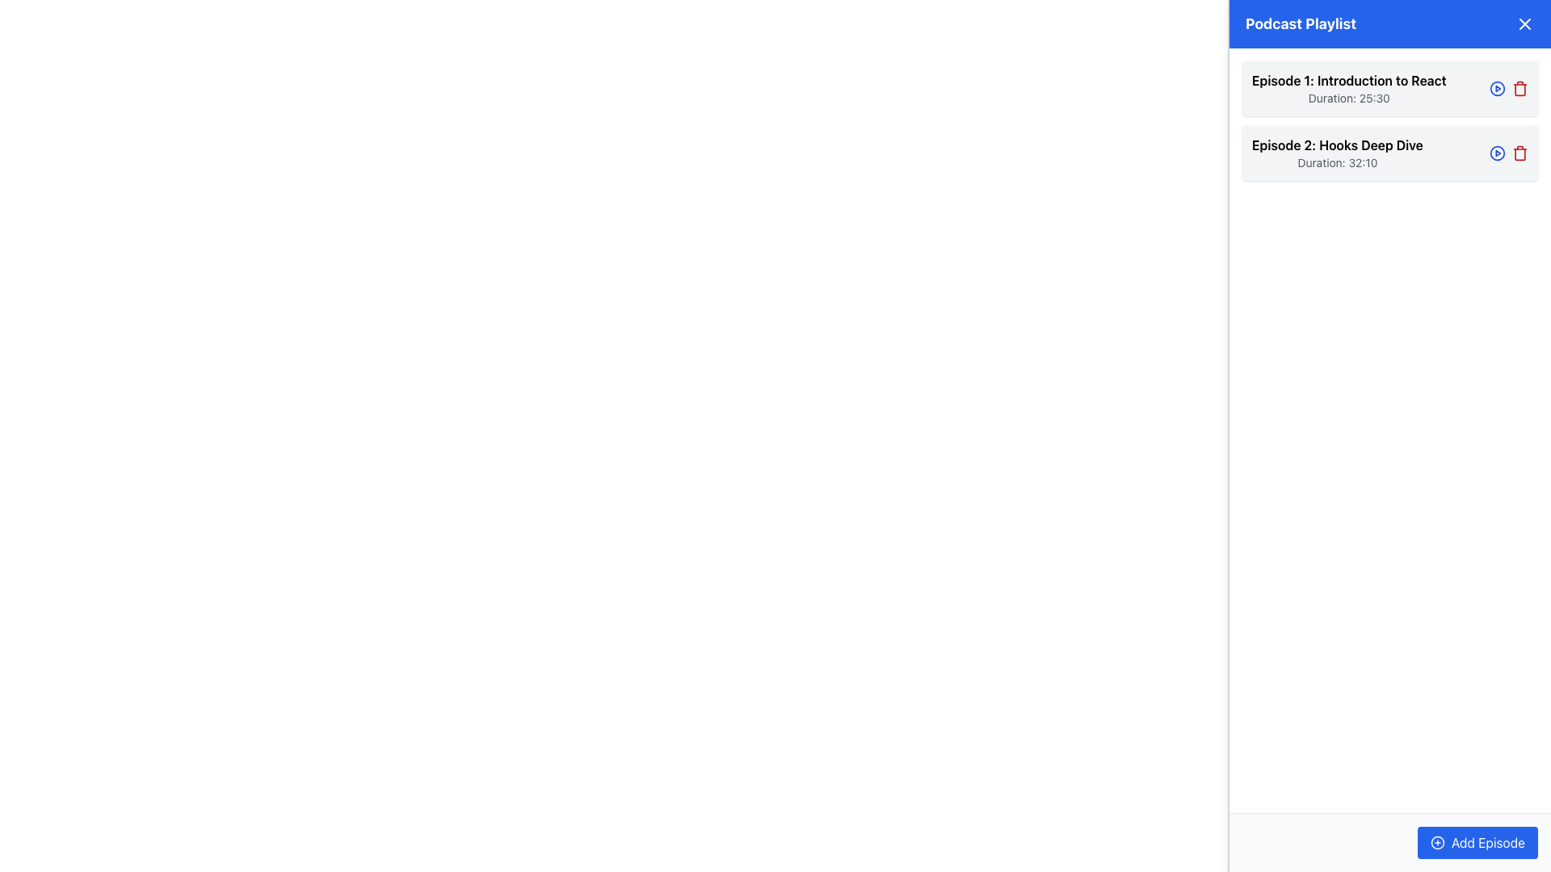 The width and height of the screenshot is (1551, 872). Describe the element at coordinates (1349, 99) in the screenshot. I see `the text label displaying 'Duration: 25:30', which is styled in gray and located beneath the title 'Episode 1: Introduction to React' in the first entry of the episode list` at that location.